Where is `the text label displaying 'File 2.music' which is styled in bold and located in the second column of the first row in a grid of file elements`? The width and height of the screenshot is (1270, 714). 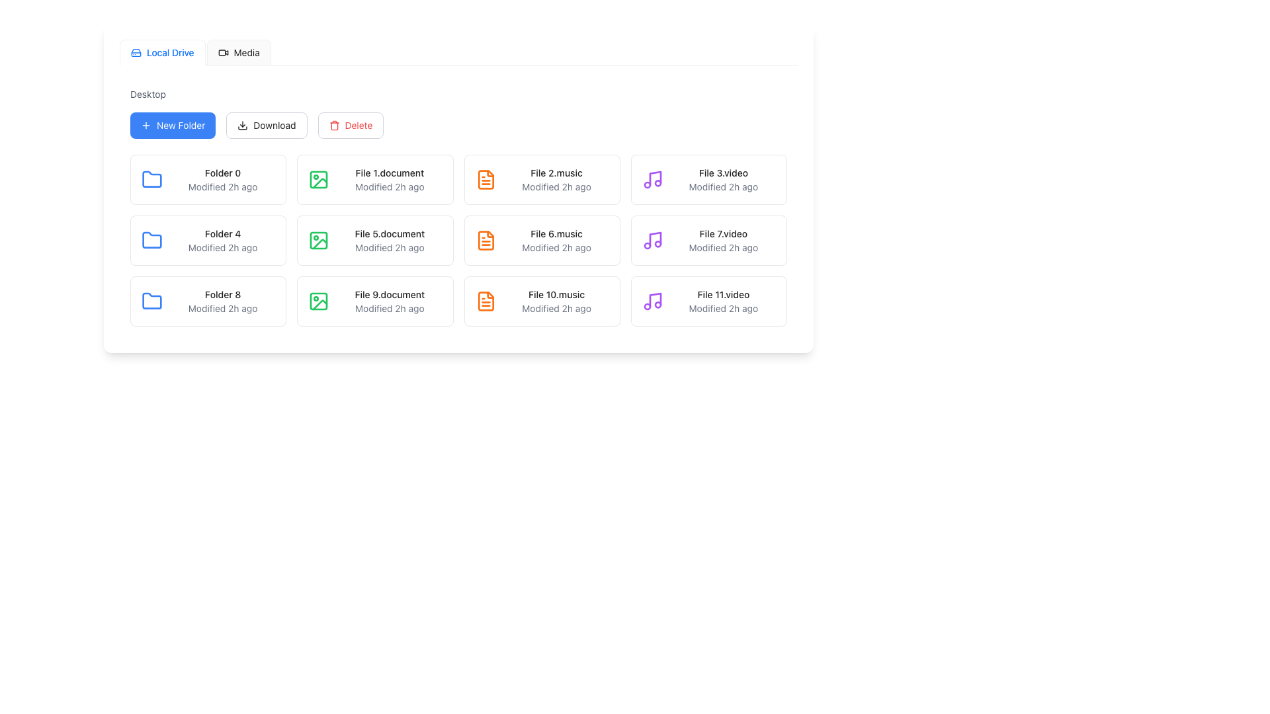
the text label displaying 'File 2.music' which is styled in bold and located in the second column of the first row in a grid of file elements is located at coordinates (556, 173).